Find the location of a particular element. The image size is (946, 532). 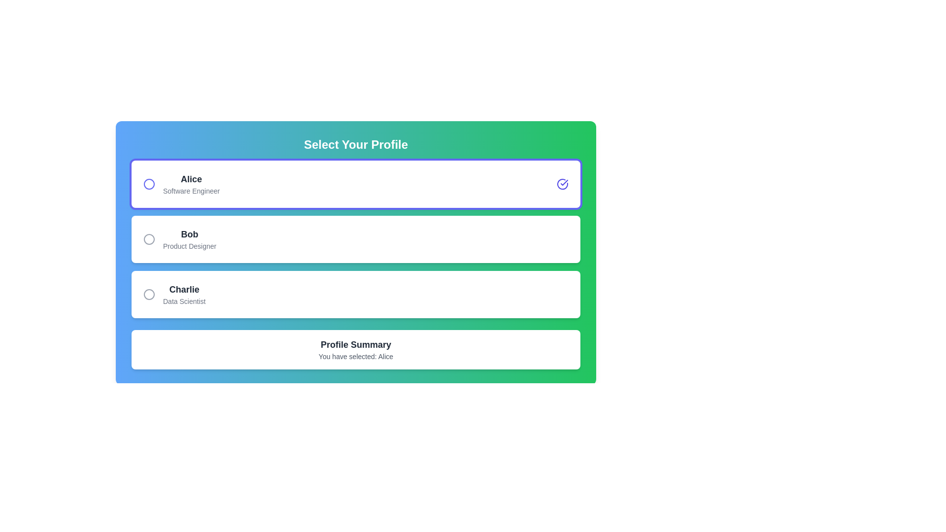

the checkmark SVG icon located in the top right corner of the 'Alice' selection card within the 'Select Your Profile' section is located at coordinates (564, 182).